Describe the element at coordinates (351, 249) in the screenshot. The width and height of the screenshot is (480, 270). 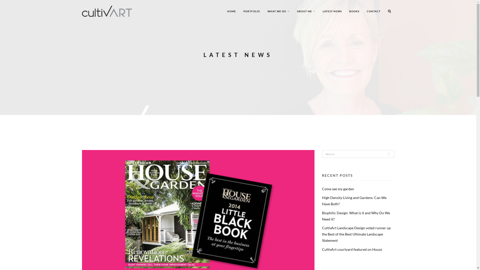
I see `'CultivArt courtyard featured on Houzz'` at that location.